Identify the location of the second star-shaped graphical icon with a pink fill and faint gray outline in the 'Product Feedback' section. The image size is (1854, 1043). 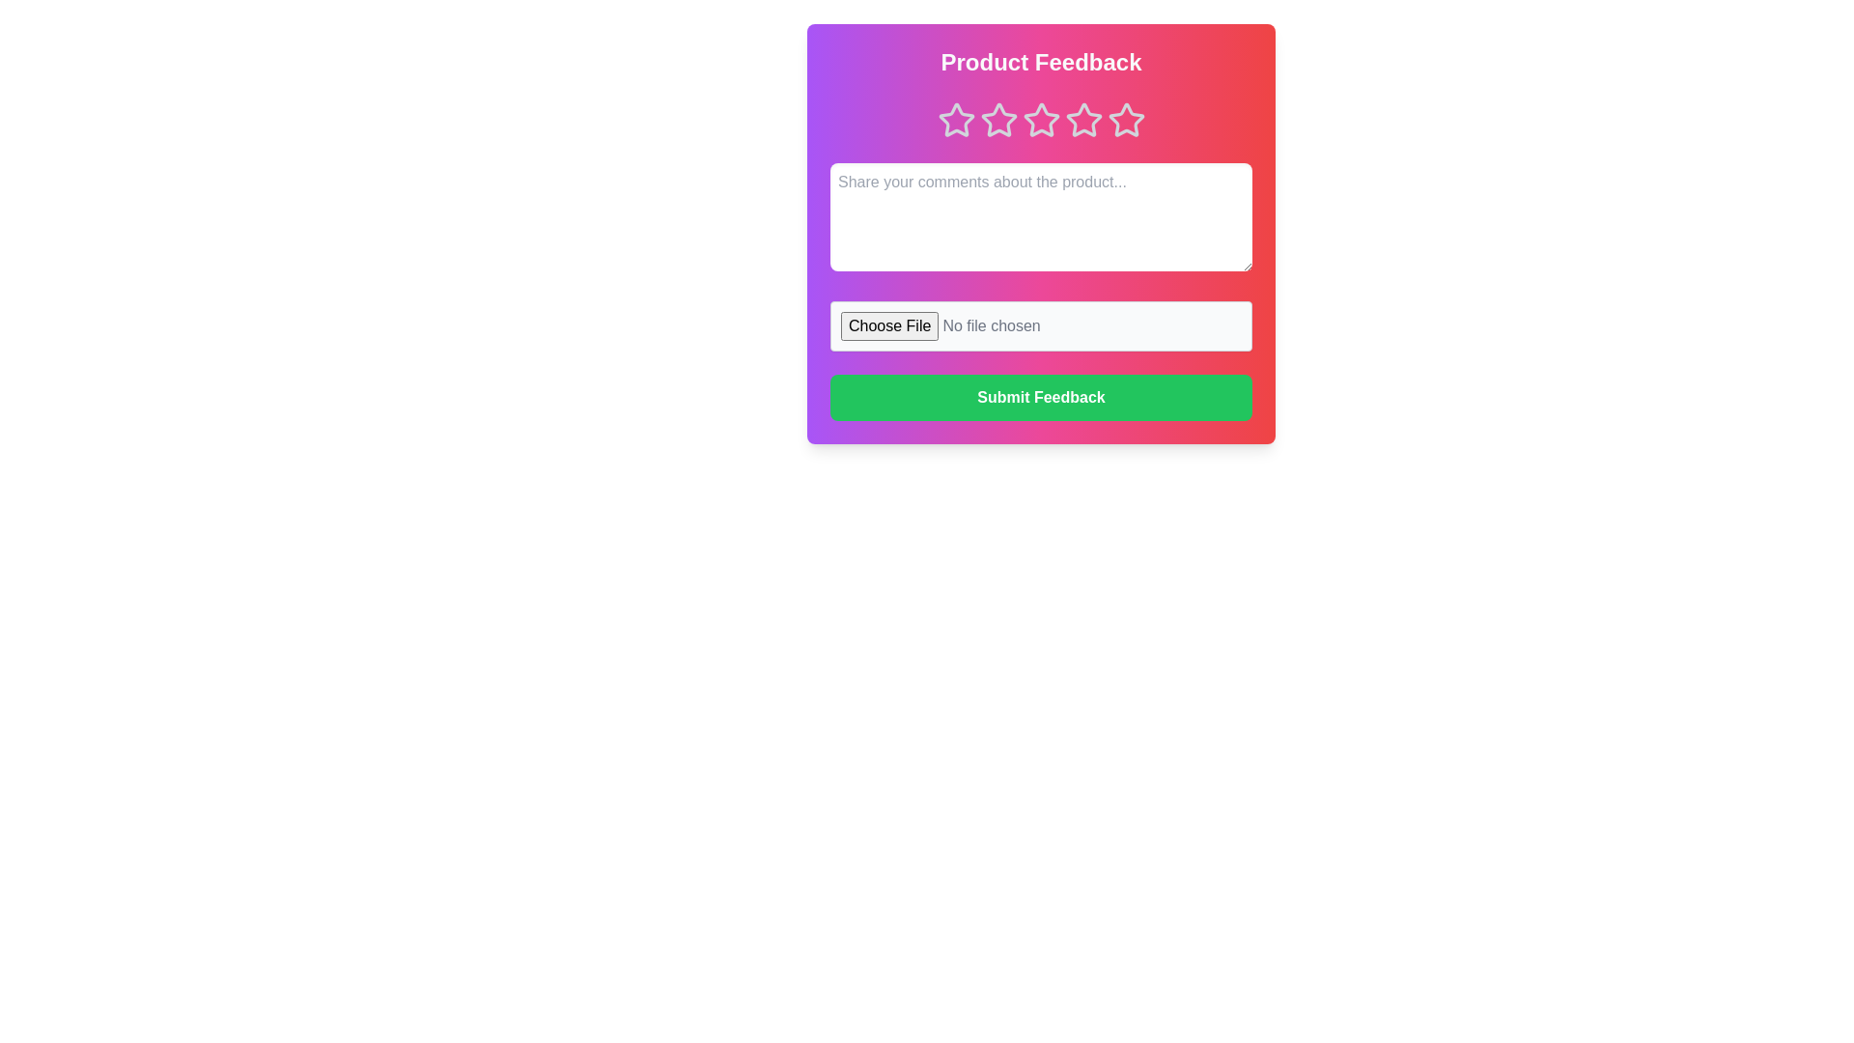
(1040, 120).